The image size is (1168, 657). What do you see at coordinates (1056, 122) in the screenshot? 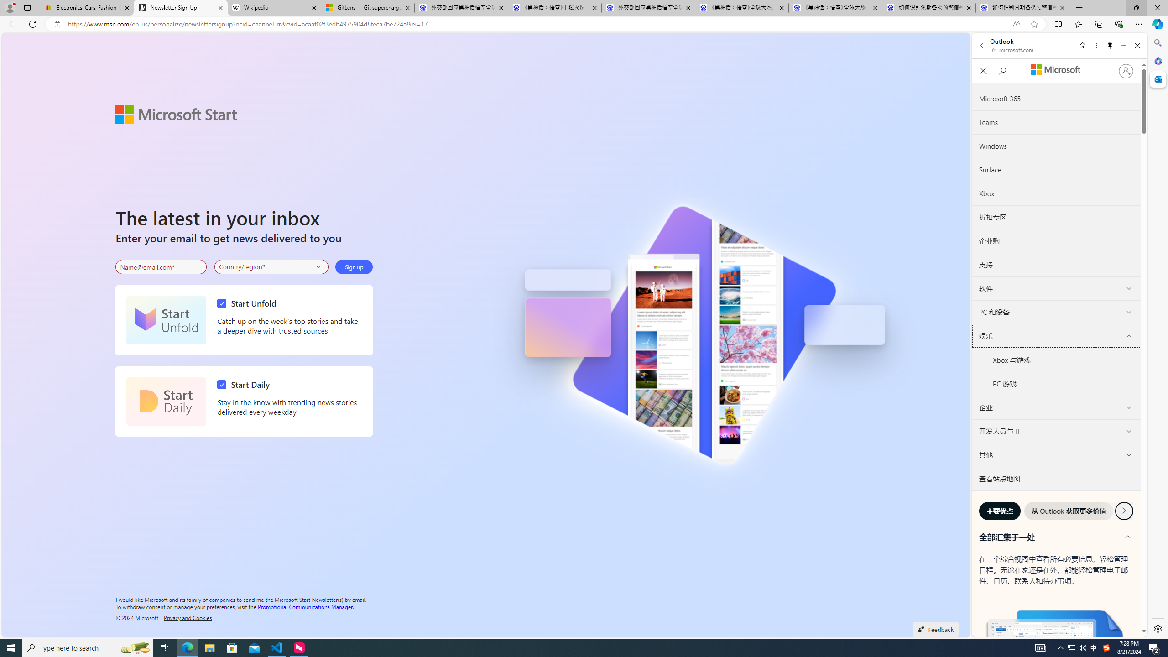
I see `'Teams'` at bounding box center [1056, 122].